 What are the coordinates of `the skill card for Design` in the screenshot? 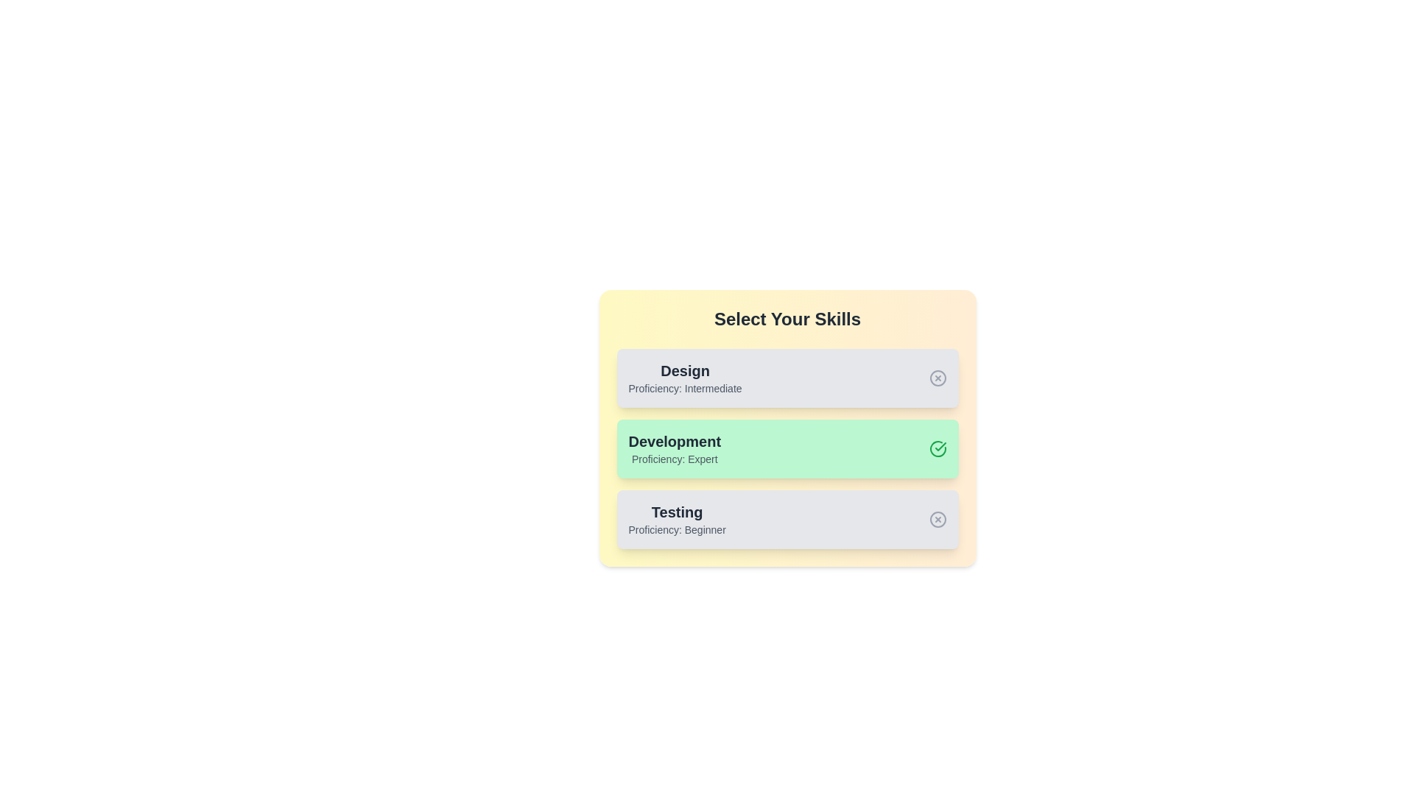 It's located at (787, 377).